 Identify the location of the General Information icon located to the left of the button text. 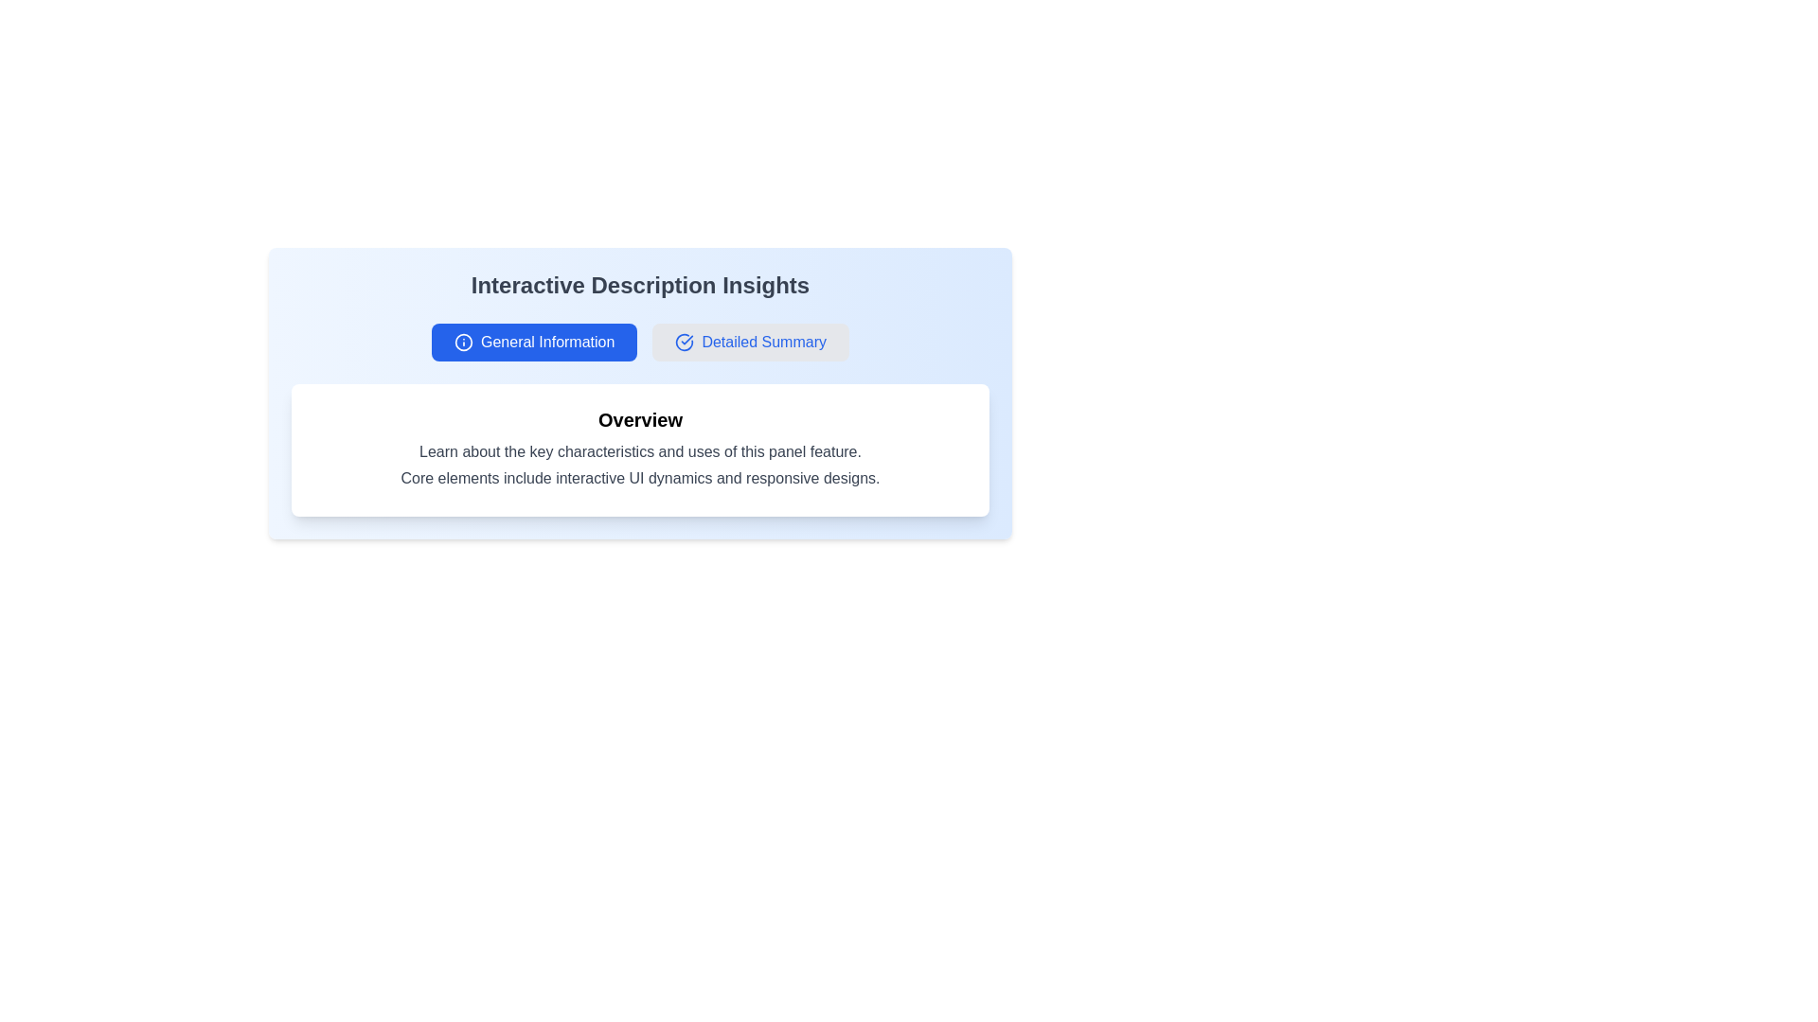
(463, 343).